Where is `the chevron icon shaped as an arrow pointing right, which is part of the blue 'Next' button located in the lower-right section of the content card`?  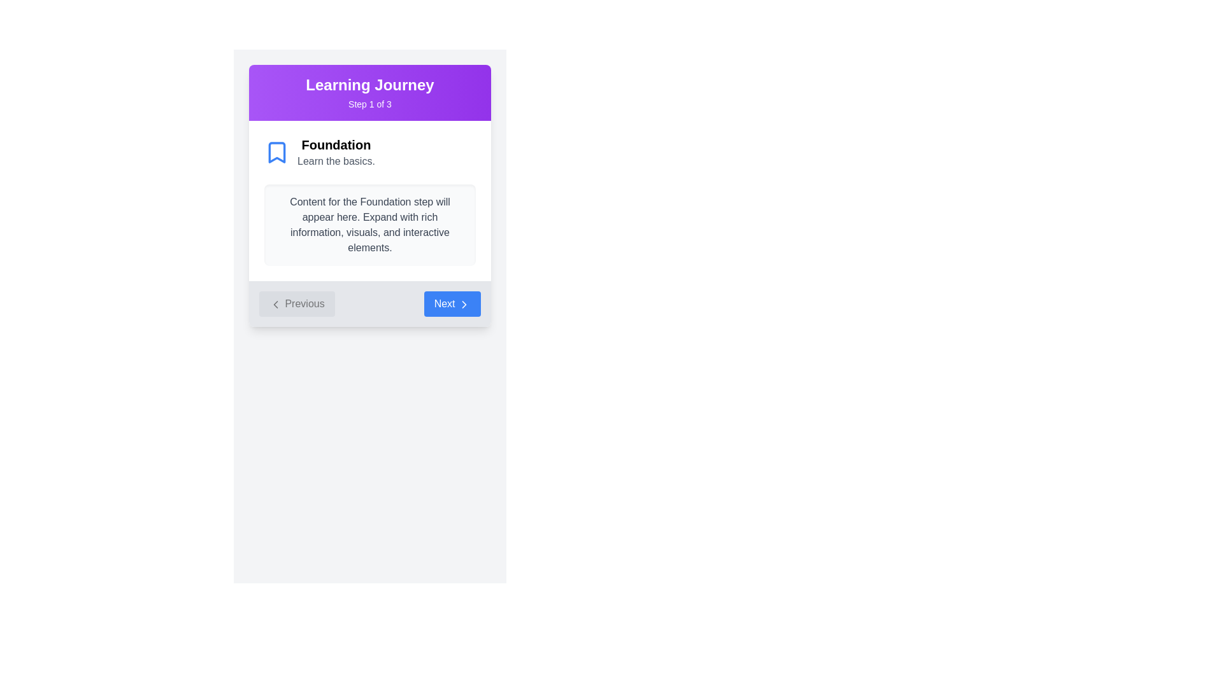 the chevron icon shaped as an arrow pointing right, which is part of the blue 'Next' button located in the lower-right section of the content card is located at coordinates (464, 304).